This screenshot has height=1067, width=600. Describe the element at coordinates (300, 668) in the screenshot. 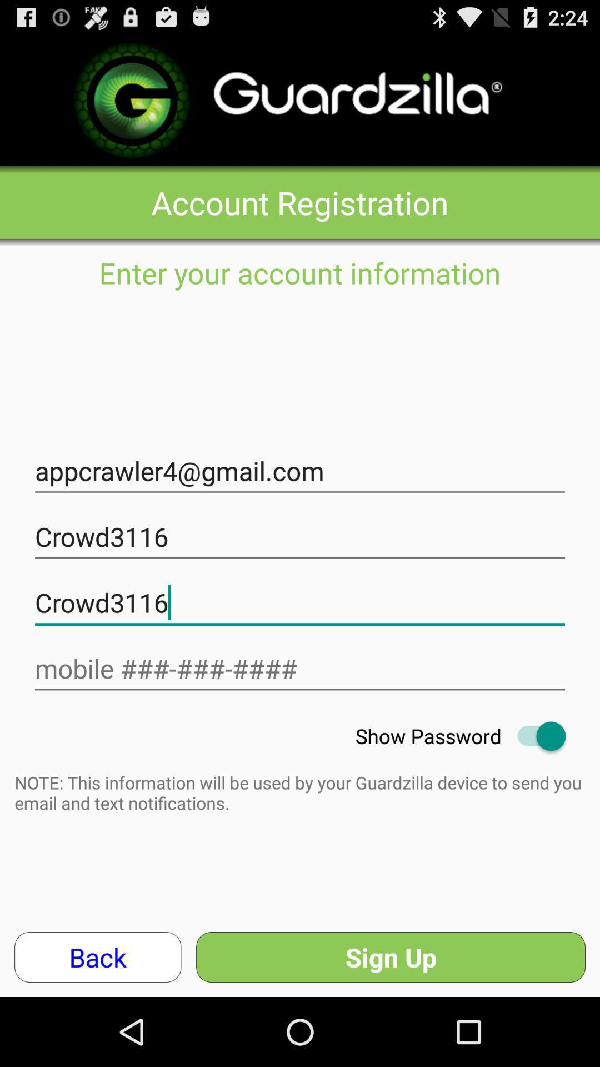

I see `mobile phone number` at that location.